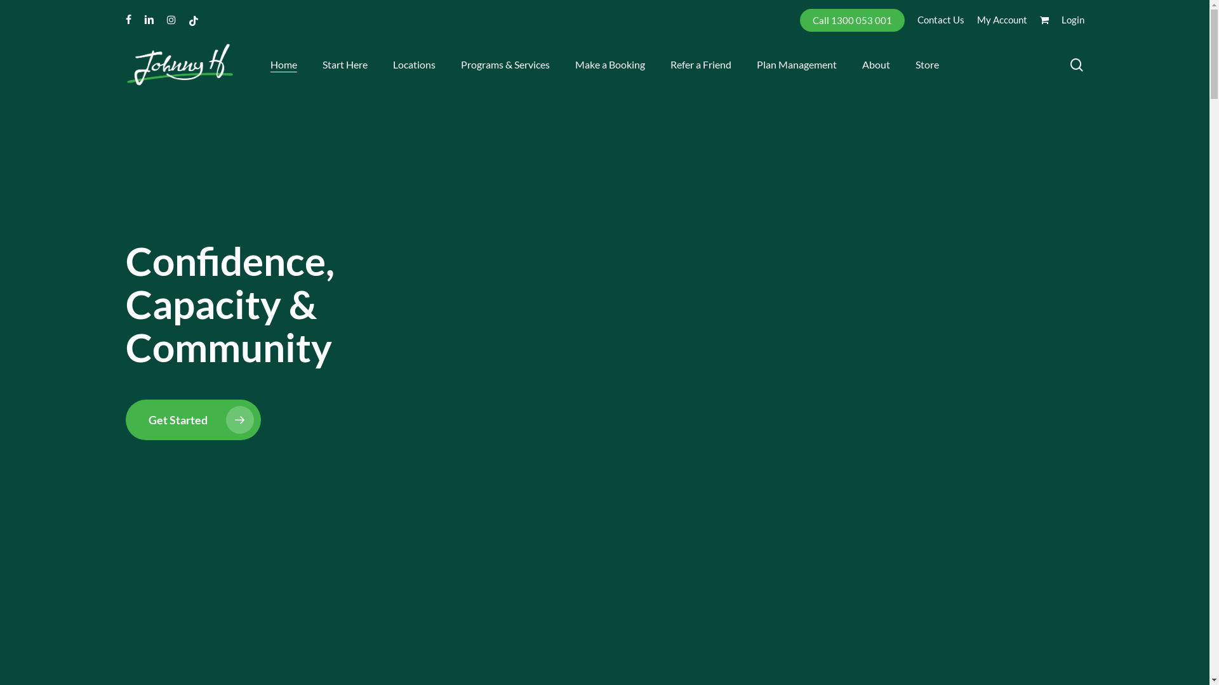  I want to click on 'search', so click(1076, 65).